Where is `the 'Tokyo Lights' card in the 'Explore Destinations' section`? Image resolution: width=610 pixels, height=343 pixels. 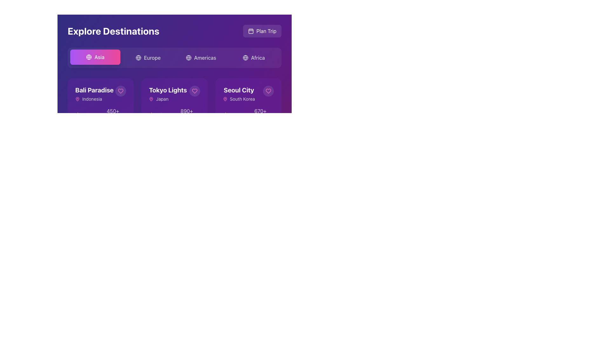
the 'Tokyo Lights' card in the 'Explore Destinations' section is located at coordinates (174, 143).